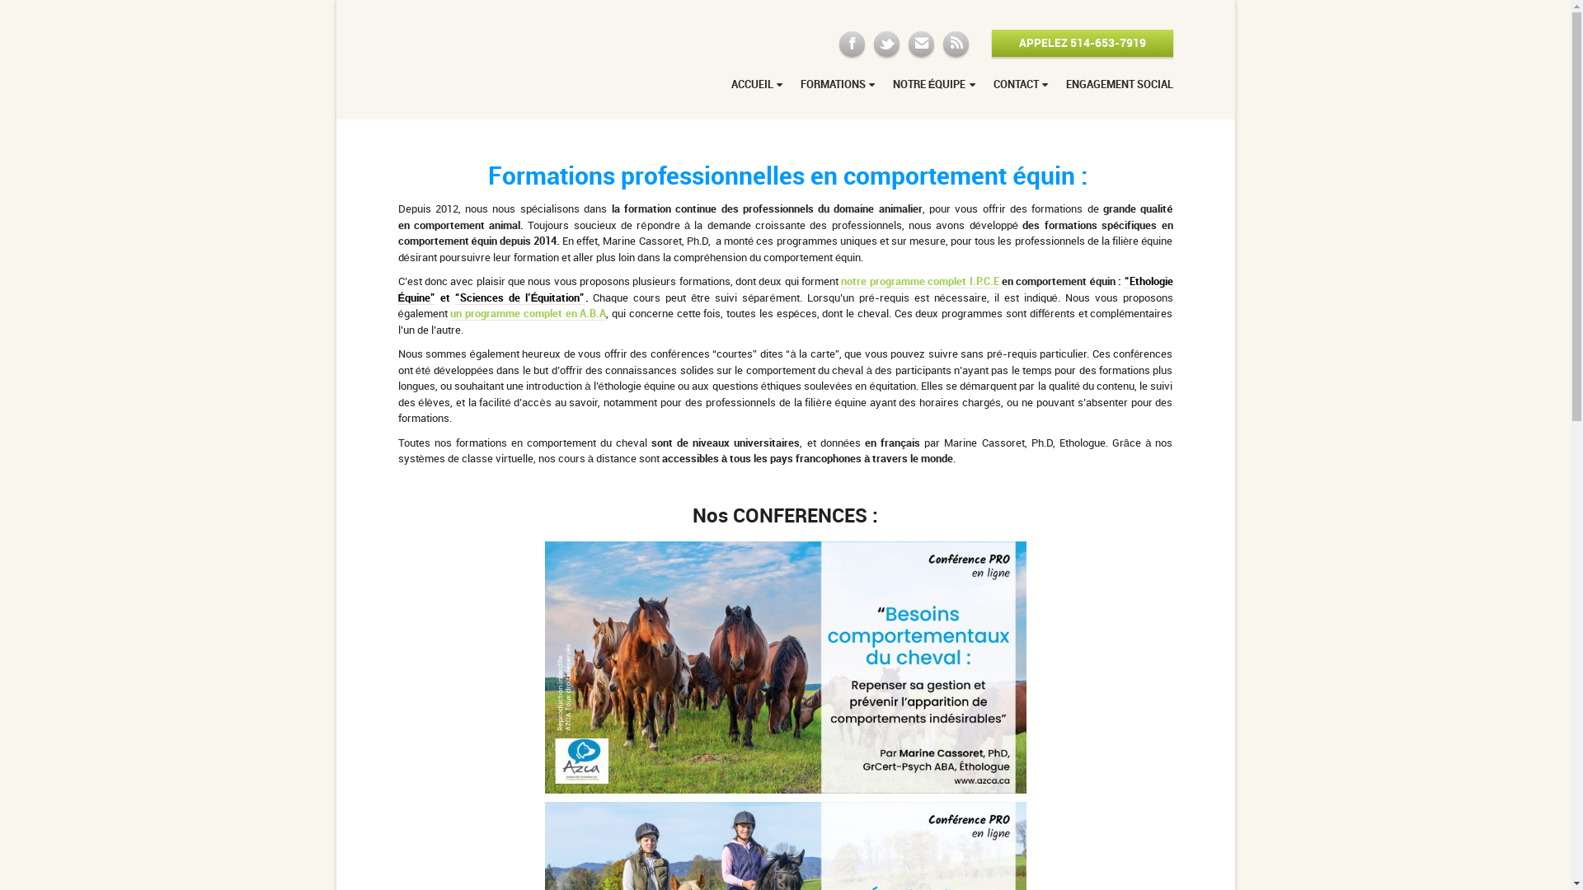 Image resolution: width=1583 pixels, height=890 pixels. I want to click on 'CONTACT', so click(1020, 87).